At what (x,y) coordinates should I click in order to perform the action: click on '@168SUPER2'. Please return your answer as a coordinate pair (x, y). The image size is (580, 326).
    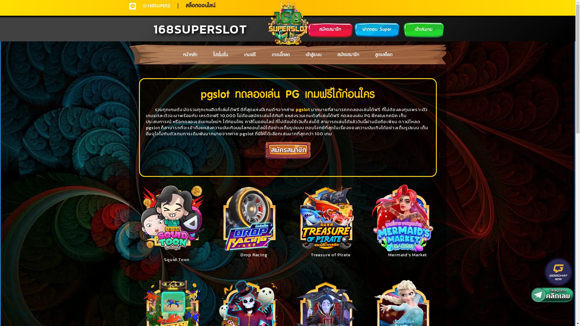
    Looking at the image, I should click on (156, 6).